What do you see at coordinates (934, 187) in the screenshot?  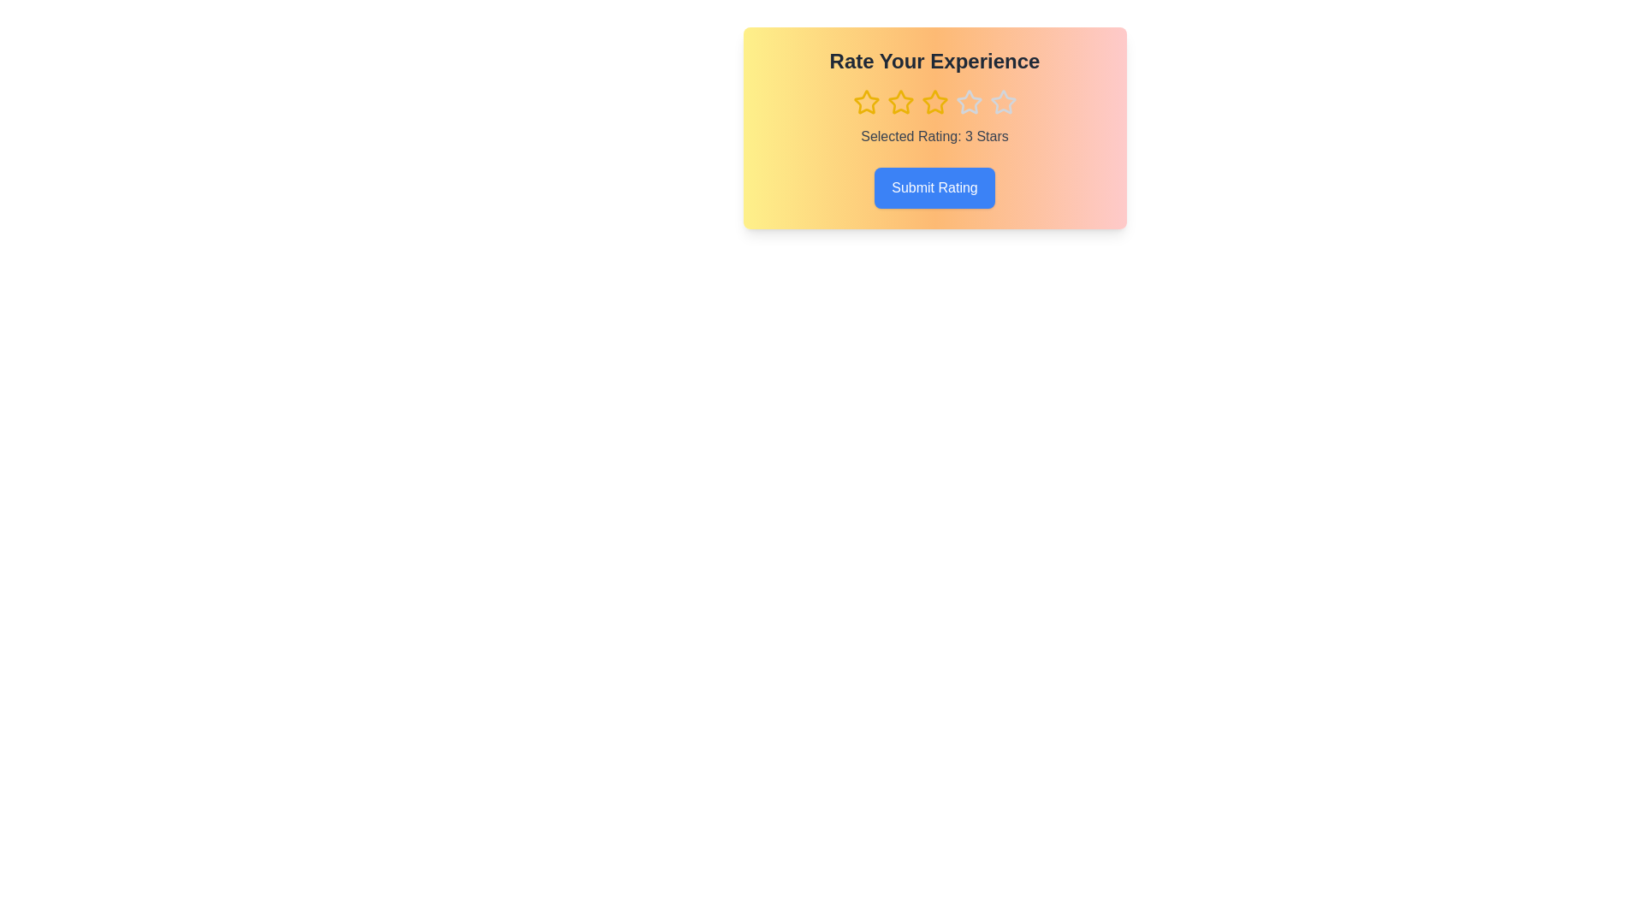 I see `the 'Submit Rating' button to submit the selected rating` at bounding box center [934, 187].